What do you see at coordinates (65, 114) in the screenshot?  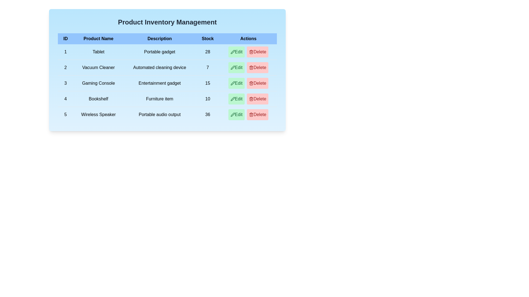 I see `the unique identifier text element for the 'Wireless Speaker' entry in the table, which is located in the first column of its row` at bounding box center [65, 114].